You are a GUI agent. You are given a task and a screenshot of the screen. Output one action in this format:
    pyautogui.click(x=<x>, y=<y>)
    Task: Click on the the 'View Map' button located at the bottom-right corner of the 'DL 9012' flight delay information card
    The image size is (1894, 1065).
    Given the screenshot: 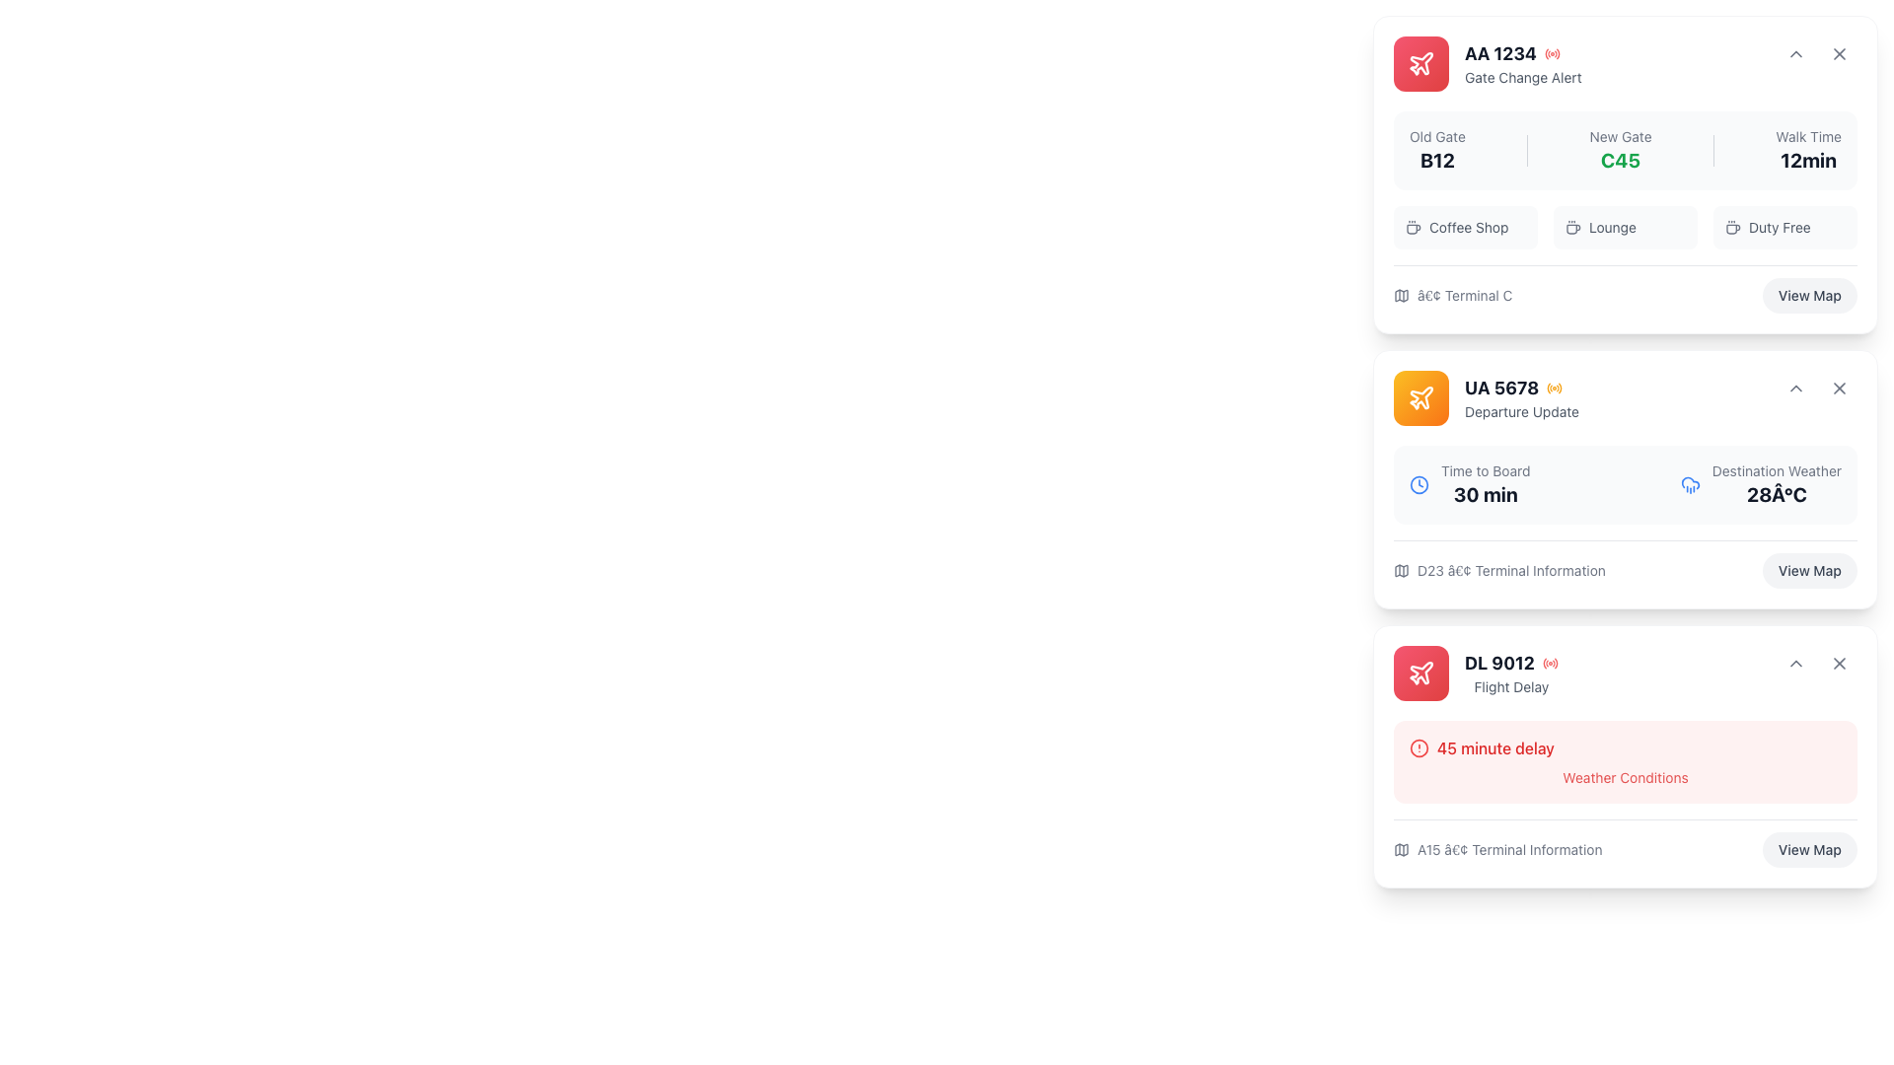 What is the action you would take?
    pyautogui.click(x=1809, y=848)
    